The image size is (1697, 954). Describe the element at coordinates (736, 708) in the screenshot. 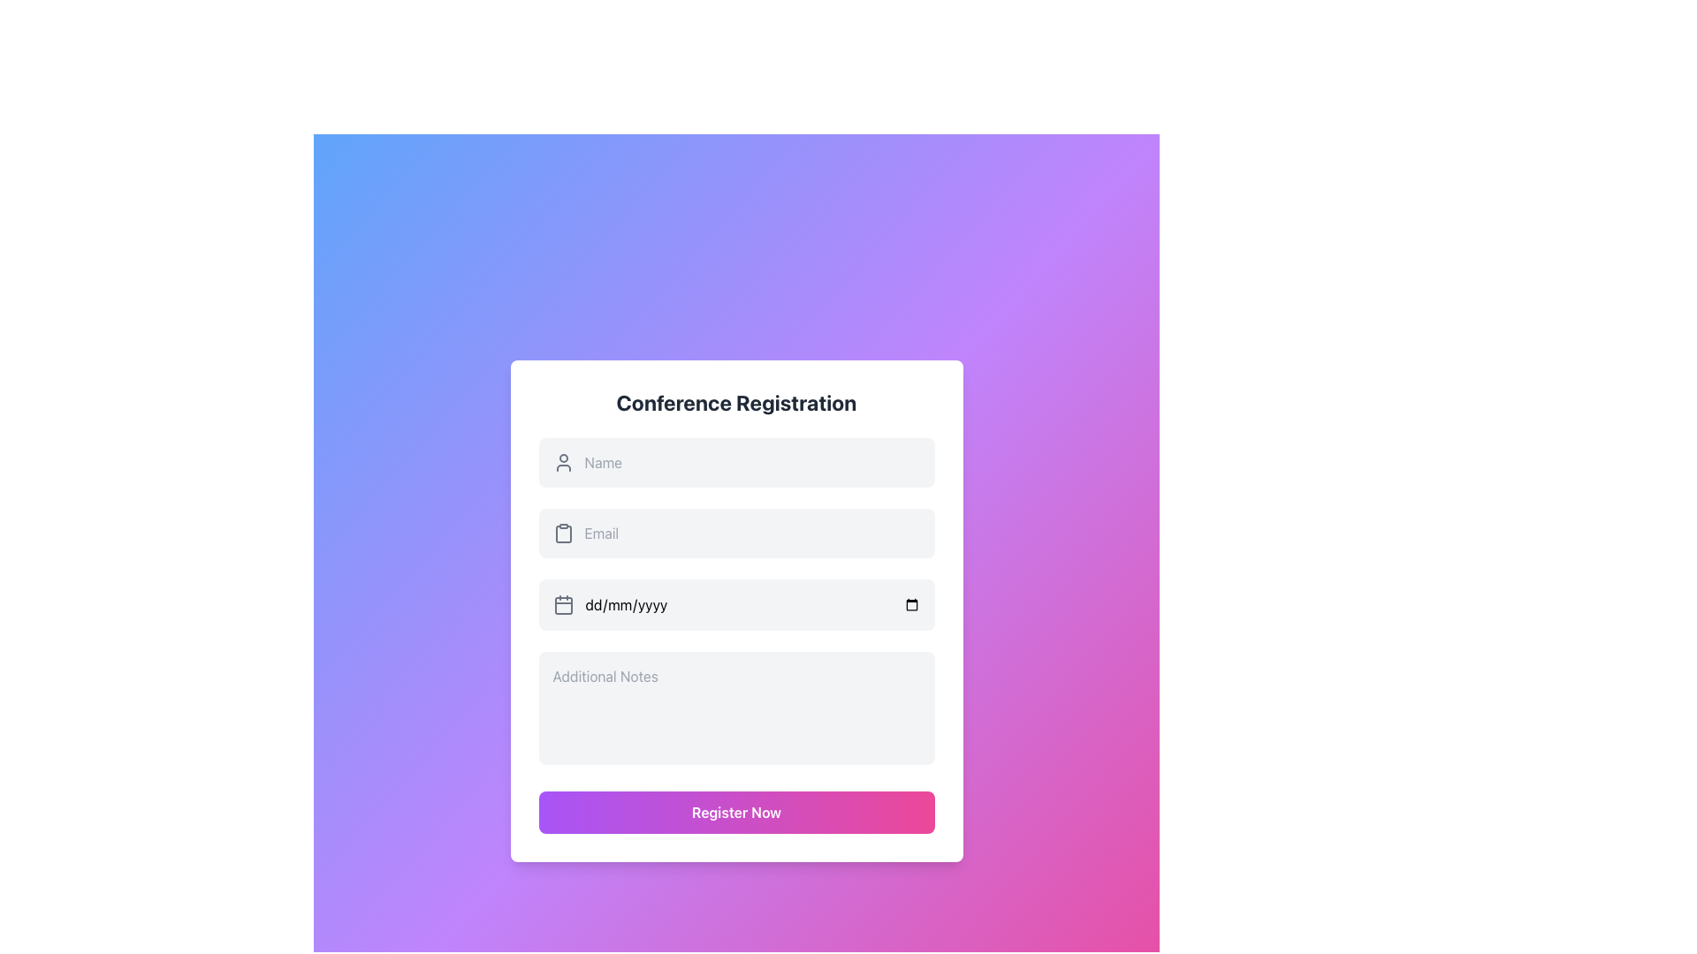

I see `the text within the light-gray text area input field labeled 'Additional Notes', which is the fourth field in the Conference Registration form` at that location.